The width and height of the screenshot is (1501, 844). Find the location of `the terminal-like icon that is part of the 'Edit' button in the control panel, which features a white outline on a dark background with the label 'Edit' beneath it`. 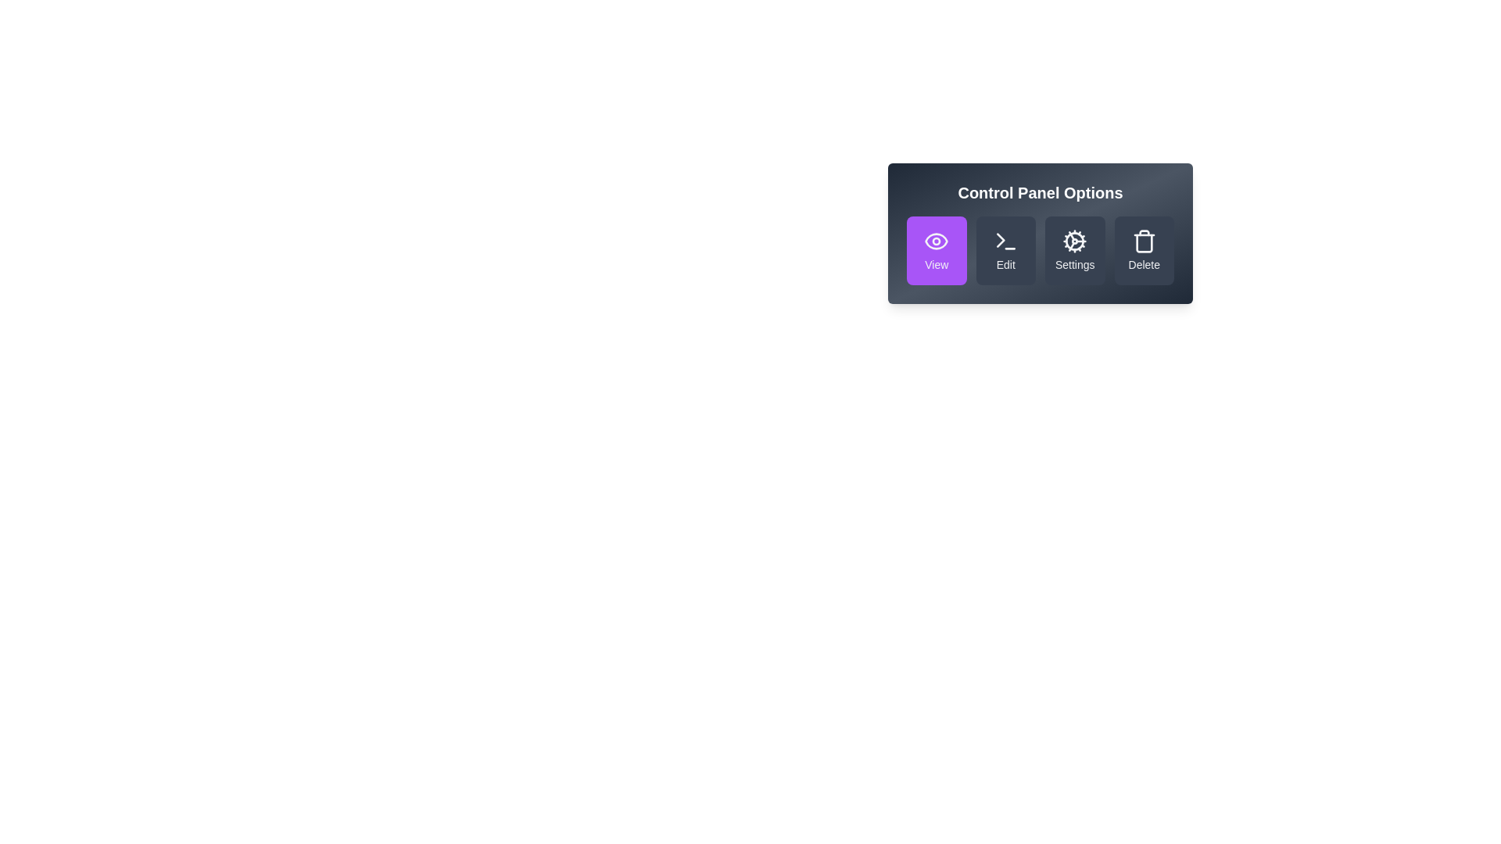

the terminal-like icon that is part of the 'Edit' button in the control panel, which features a white outline on a dark background with the label 'Edit' beneath it is located at coordinates (1005, 241).